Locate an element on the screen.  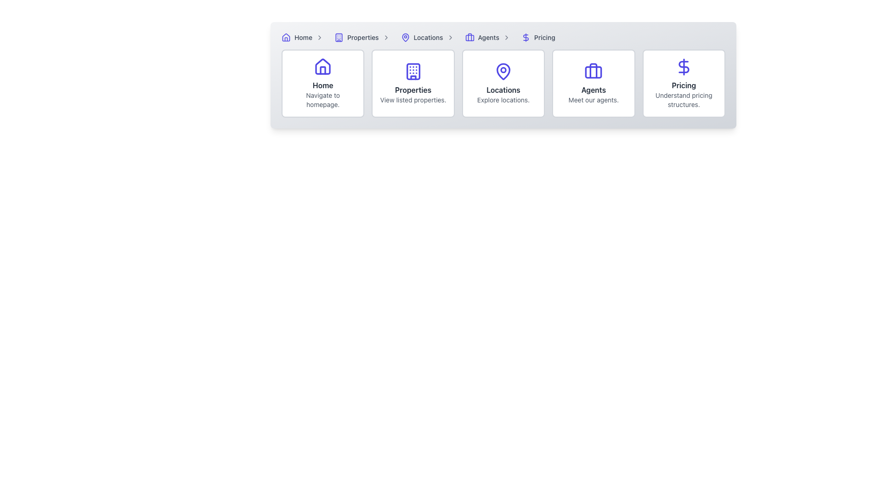
the 'Home' text label in the breadcrumb navigation bar to change its color is located at coordinates (303, 37).